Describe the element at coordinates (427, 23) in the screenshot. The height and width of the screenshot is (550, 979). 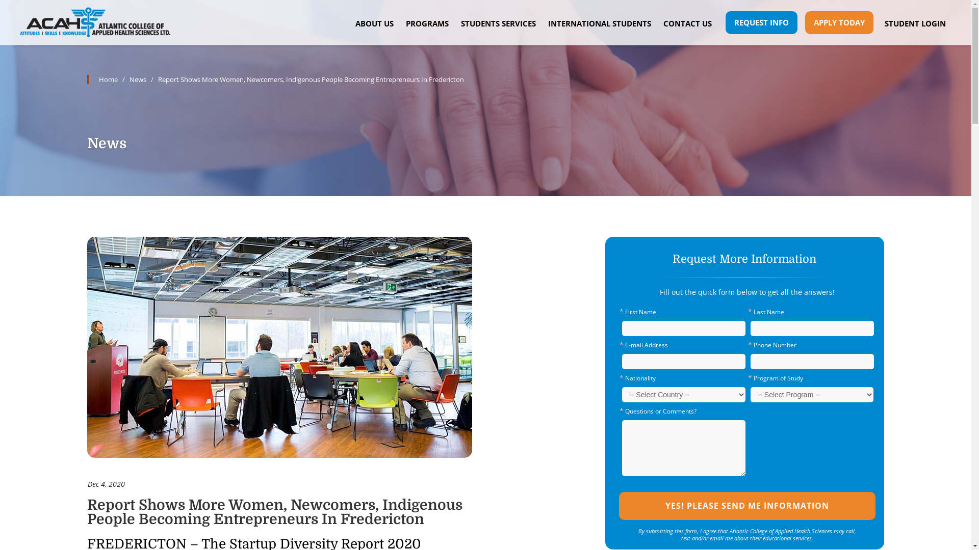
I see `'PROGRAMS'` at that location.